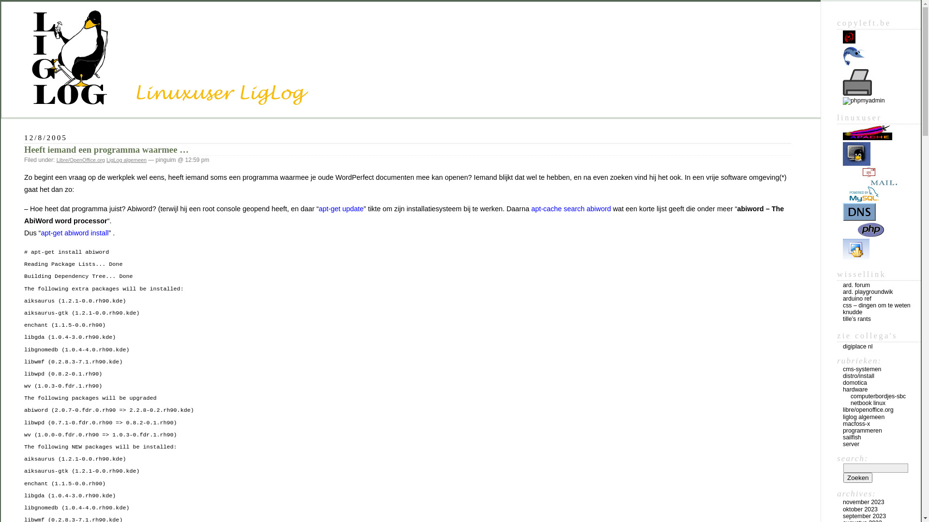 This screenshot has height=522, width=929. What do you see at coordinates (864, 417) in the screenshot?
I see `'liglog algemeen'` at bounding box center [864, 417].